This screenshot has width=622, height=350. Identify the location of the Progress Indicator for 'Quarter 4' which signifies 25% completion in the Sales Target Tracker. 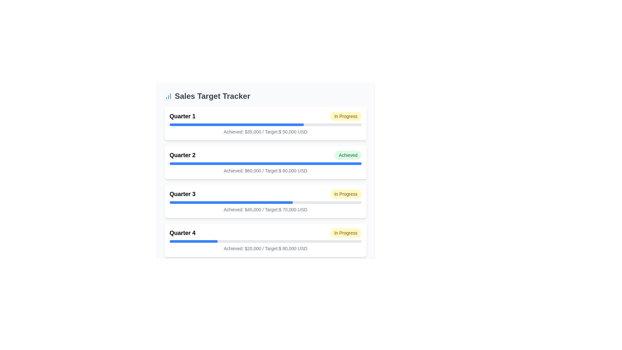
(193, 241).